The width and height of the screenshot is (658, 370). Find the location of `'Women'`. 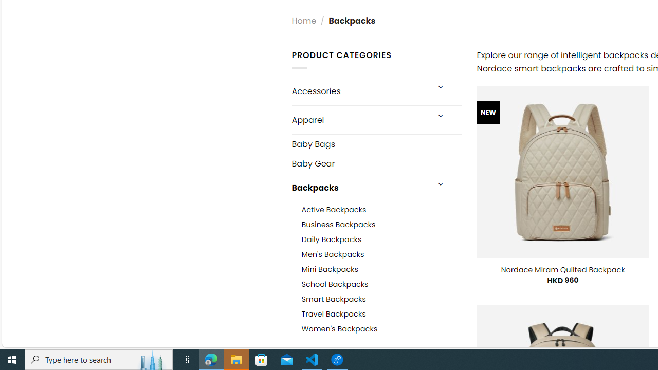

'Women' is located at coordinates (339, 329).